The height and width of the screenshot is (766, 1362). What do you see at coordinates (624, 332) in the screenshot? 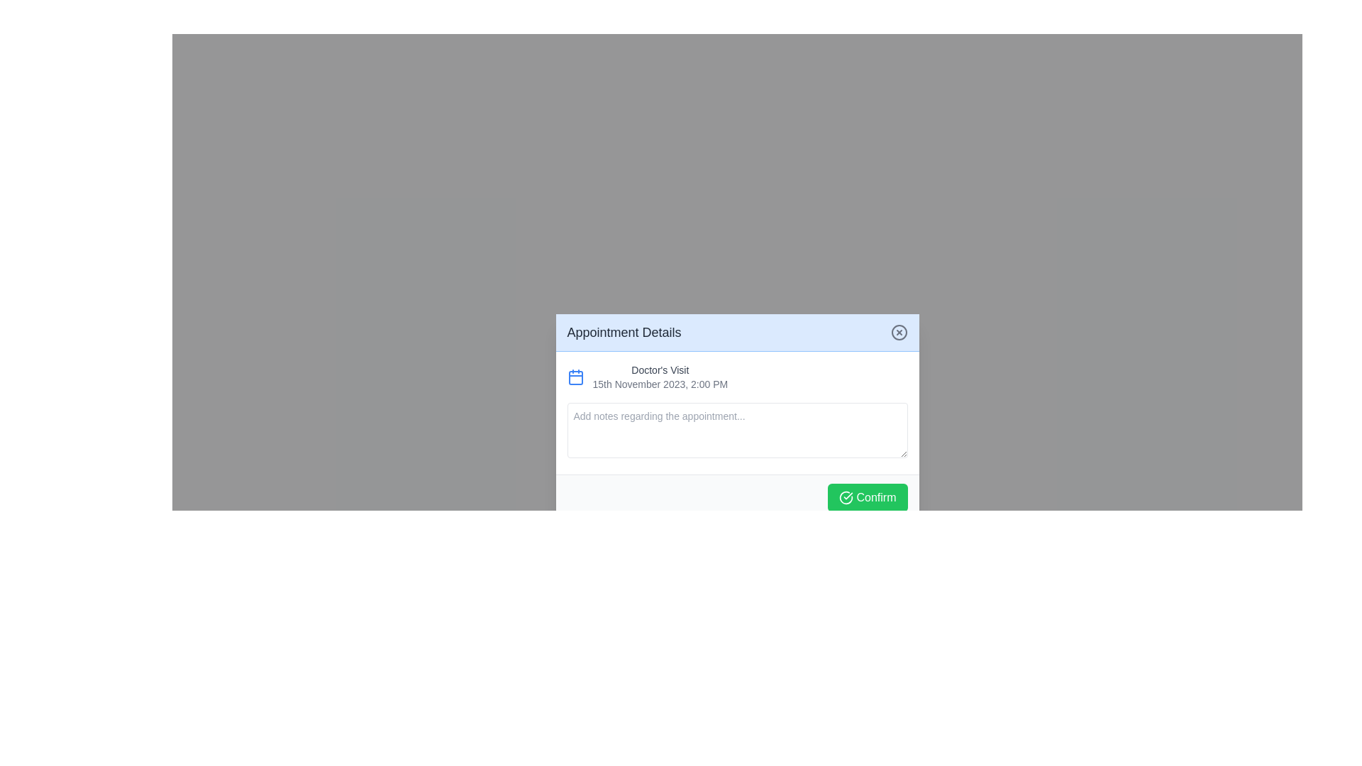
I see `the 'Appointment Details' text label, which is styled in bold with a dark hue against a light blue background, positioned in the header of the dialog box` at bounding box center [624, 332].